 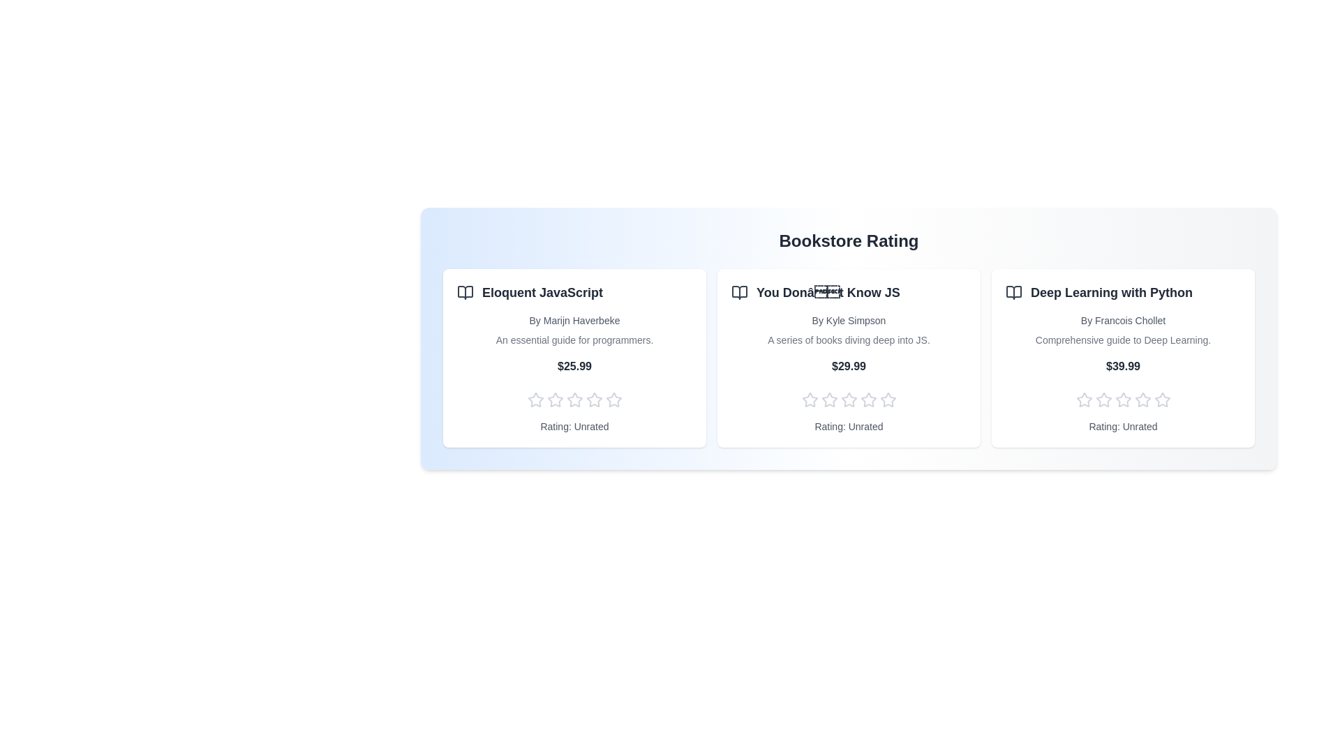 What do you see at coordinates (554, 400) in the screenshot?
I see `the rating of a book to 2 stars by clicking on the corresponding star` at bounding box center [554, 400].